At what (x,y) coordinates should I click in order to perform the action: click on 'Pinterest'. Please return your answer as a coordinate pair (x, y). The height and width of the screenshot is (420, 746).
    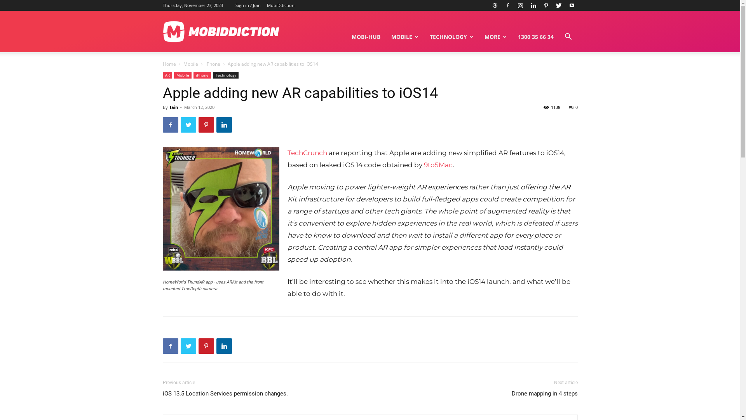
    Looking at the image, I should click on (198, 124).